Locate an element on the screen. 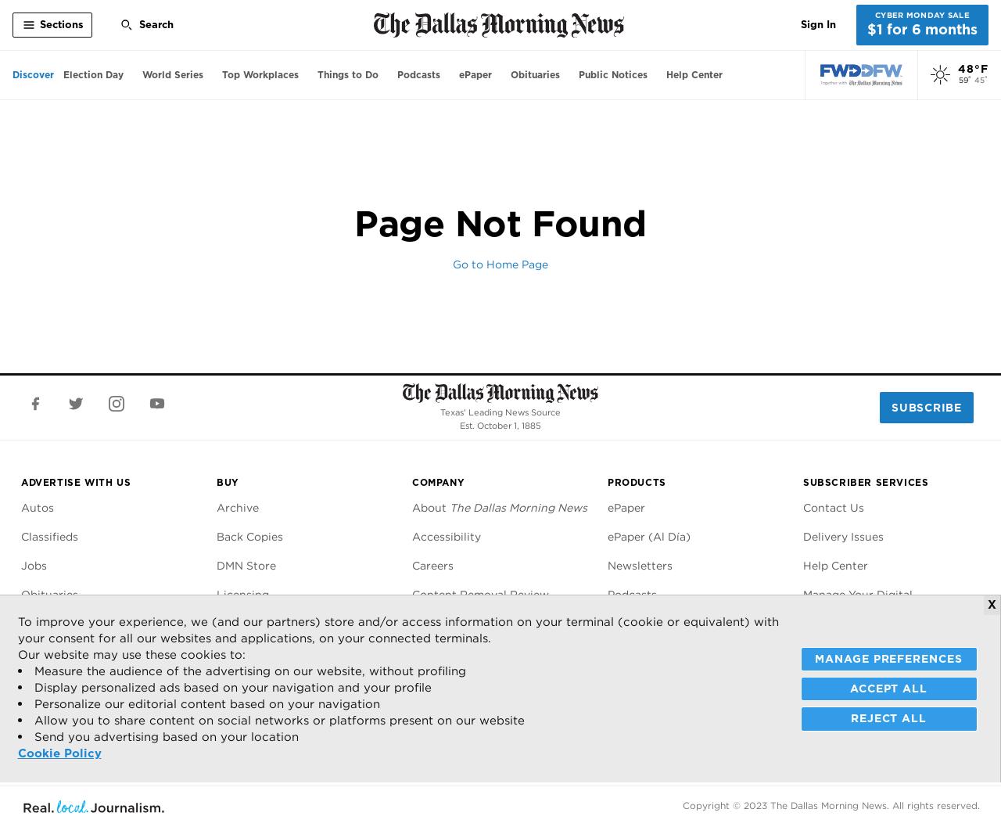  'Careers' is located at coordinates (411, 564).